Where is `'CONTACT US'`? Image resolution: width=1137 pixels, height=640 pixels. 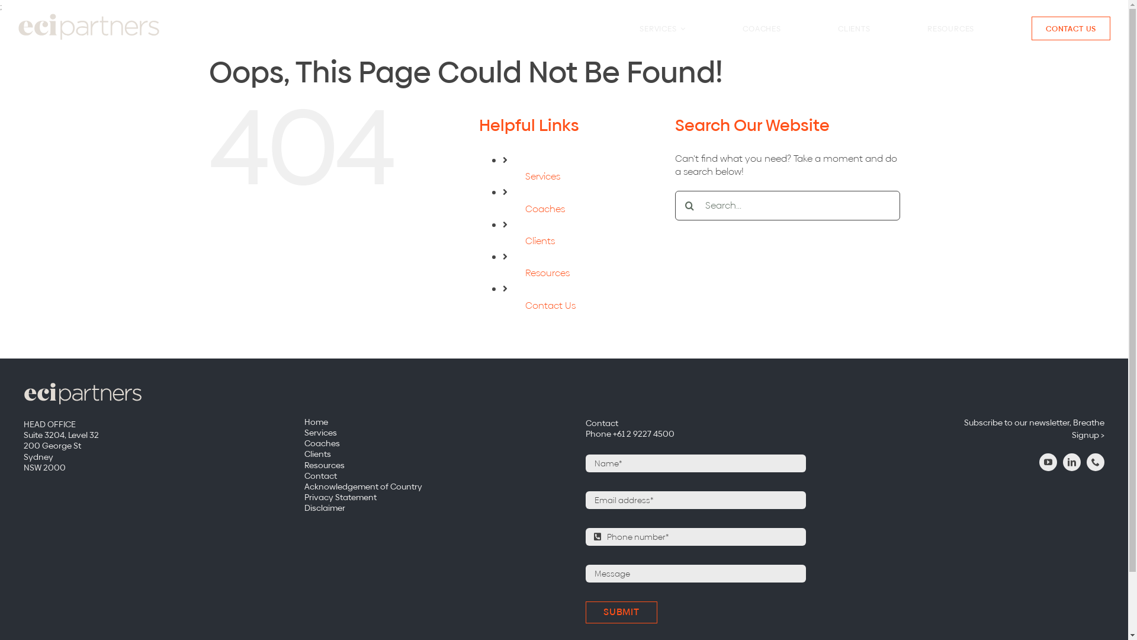
'CONTACT US' is located at coordinates (1071, 27).